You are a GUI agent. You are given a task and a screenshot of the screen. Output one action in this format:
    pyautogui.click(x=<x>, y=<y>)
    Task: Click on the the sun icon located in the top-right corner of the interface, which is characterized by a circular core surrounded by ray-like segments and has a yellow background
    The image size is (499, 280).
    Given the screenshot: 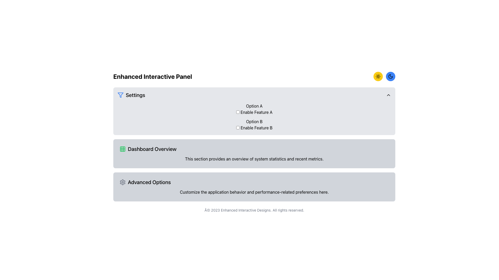 What is the action you would take?
    pyautogui.click(x=378, y=76)
    